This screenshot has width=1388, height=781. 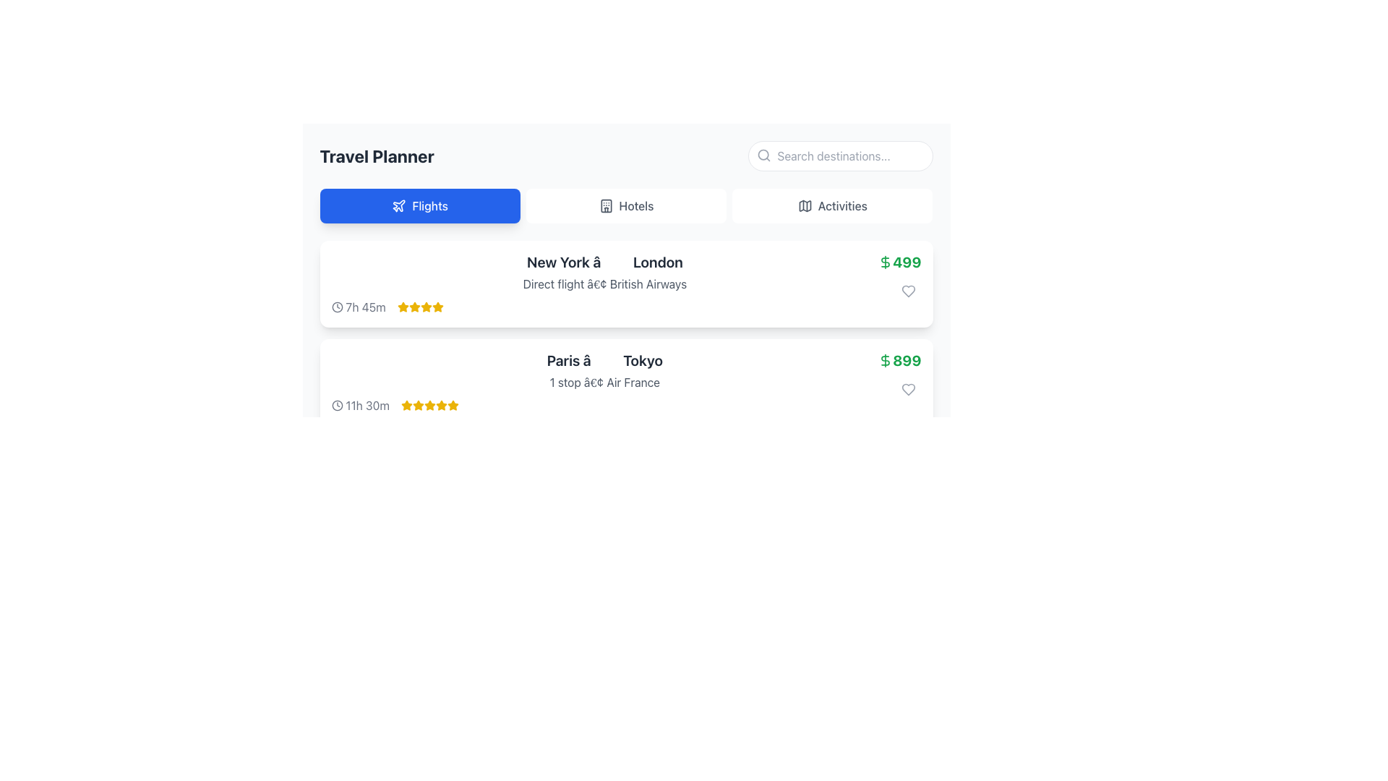 What do you see at coordinates (441, 405) in the screenshot?
I see `the fifth star icon representing the rating for the flight listing from 'Paris to Tokyo'` at bounding box center [441, 405].